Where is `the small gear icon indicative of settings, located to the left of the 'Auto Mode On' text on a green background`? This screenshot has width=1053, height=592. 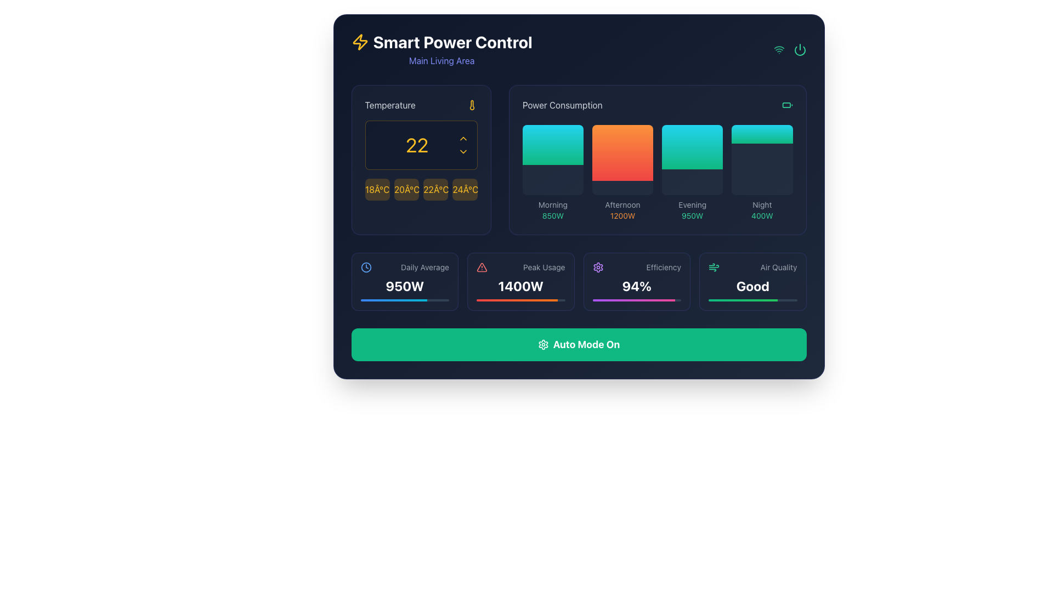 the small gear icon indicative of settings, located to the left of the 'Auto Mode On' text on a green background is located at coordinates (543, 344).